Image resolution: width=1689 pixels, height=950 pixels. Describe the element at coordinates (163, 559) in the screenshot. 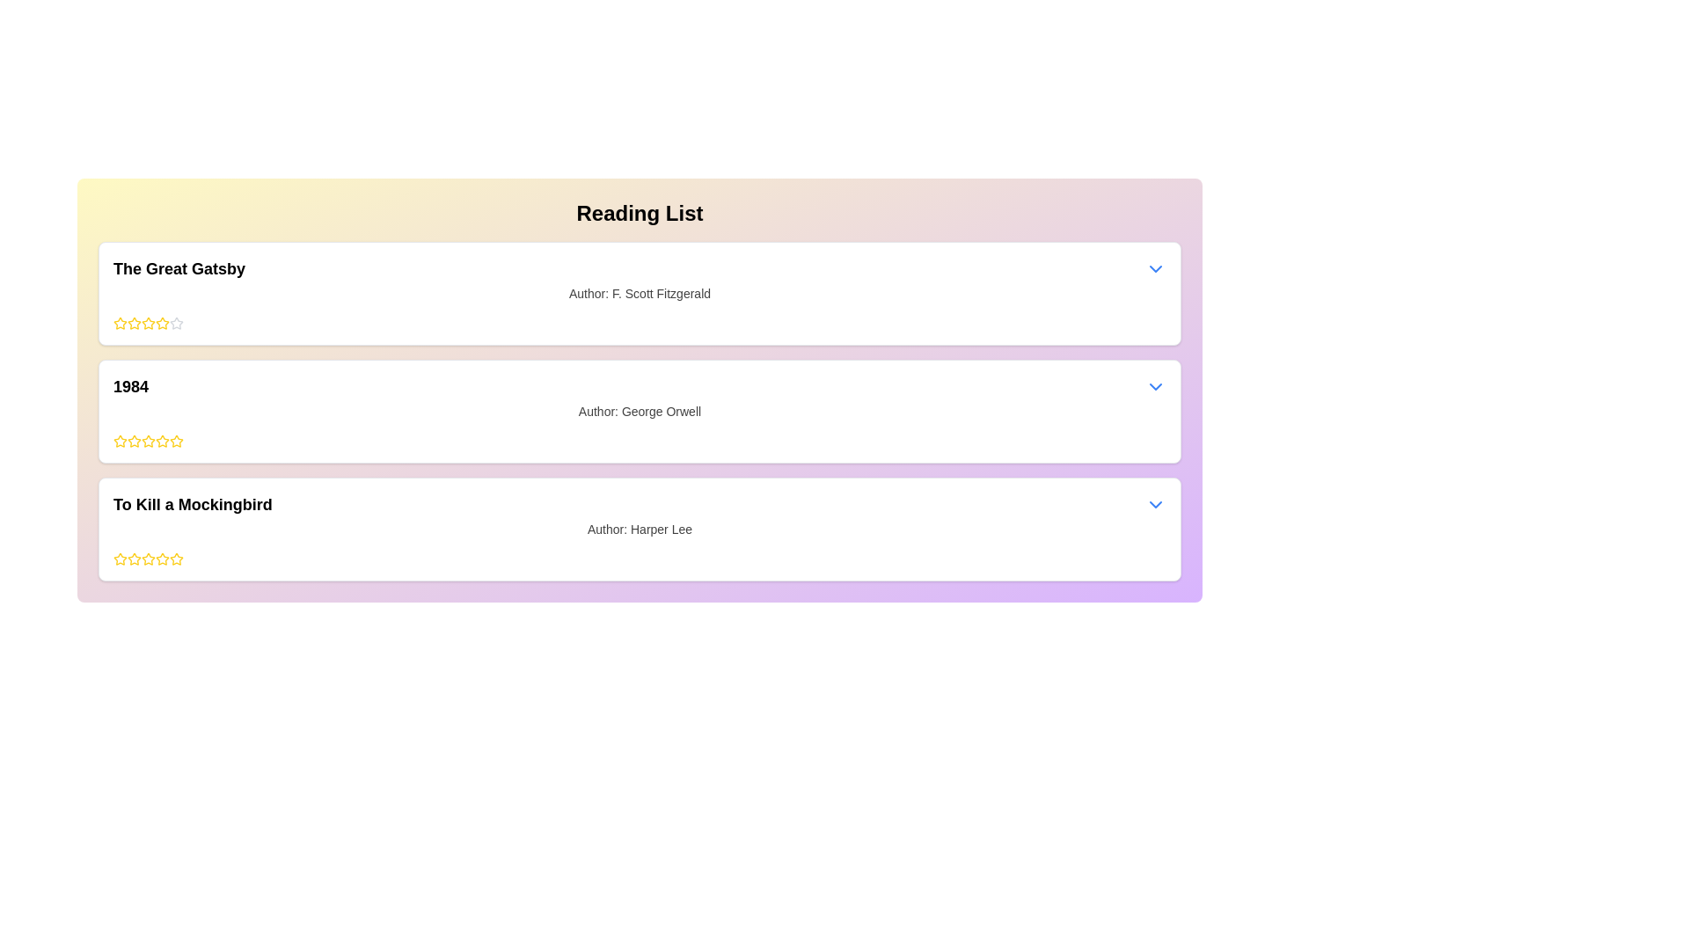

I see `the second star-shaped rating icon in the five-star rating scale below the 'To Kill a Mockingbird' header` at that location.